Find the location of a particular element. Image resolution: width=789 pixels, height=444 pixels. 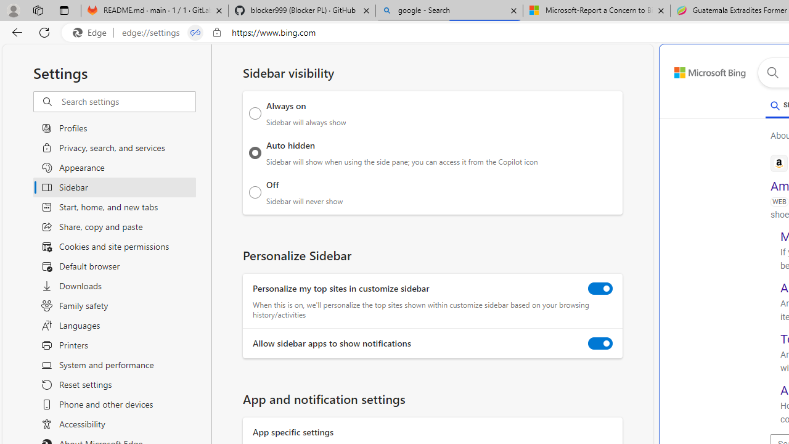

'Always on Sidebar will always show' is located at coordinates (255, 113).